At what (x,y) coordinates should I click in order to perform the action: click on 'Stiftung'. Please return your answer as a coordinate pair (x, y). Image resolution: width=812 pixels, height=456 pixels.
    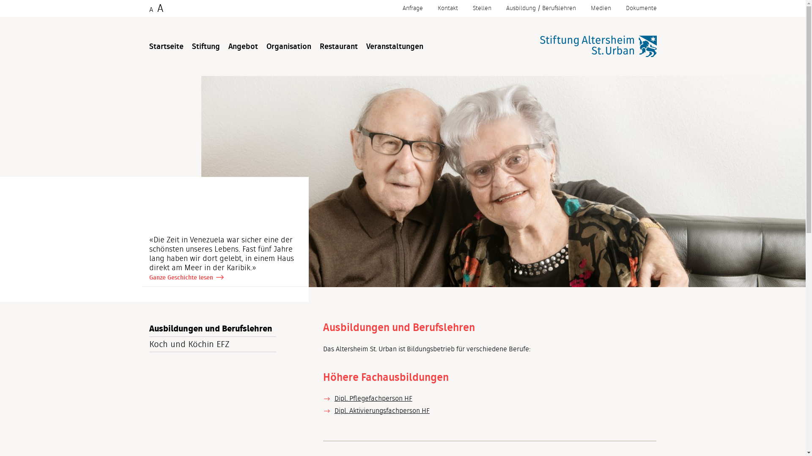
    Looking at the image, I should click on (192, 47).